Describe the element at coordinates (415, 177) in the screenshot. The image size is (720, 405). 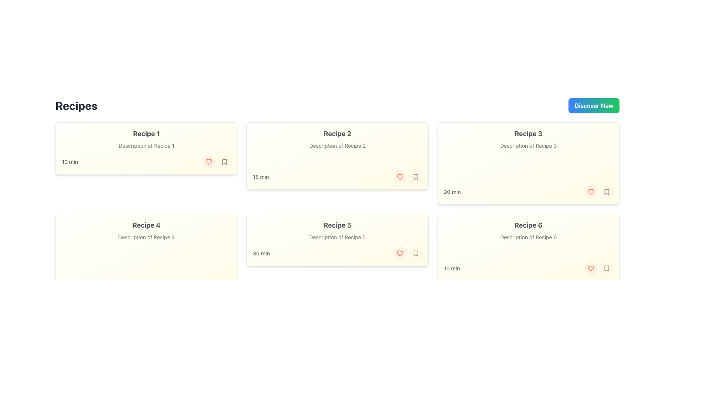
I see `the button for bookmarking the Recipe 2 card, which is the second button in the horizontal arrangement of buttons below the Recipe 2 card` at that location.